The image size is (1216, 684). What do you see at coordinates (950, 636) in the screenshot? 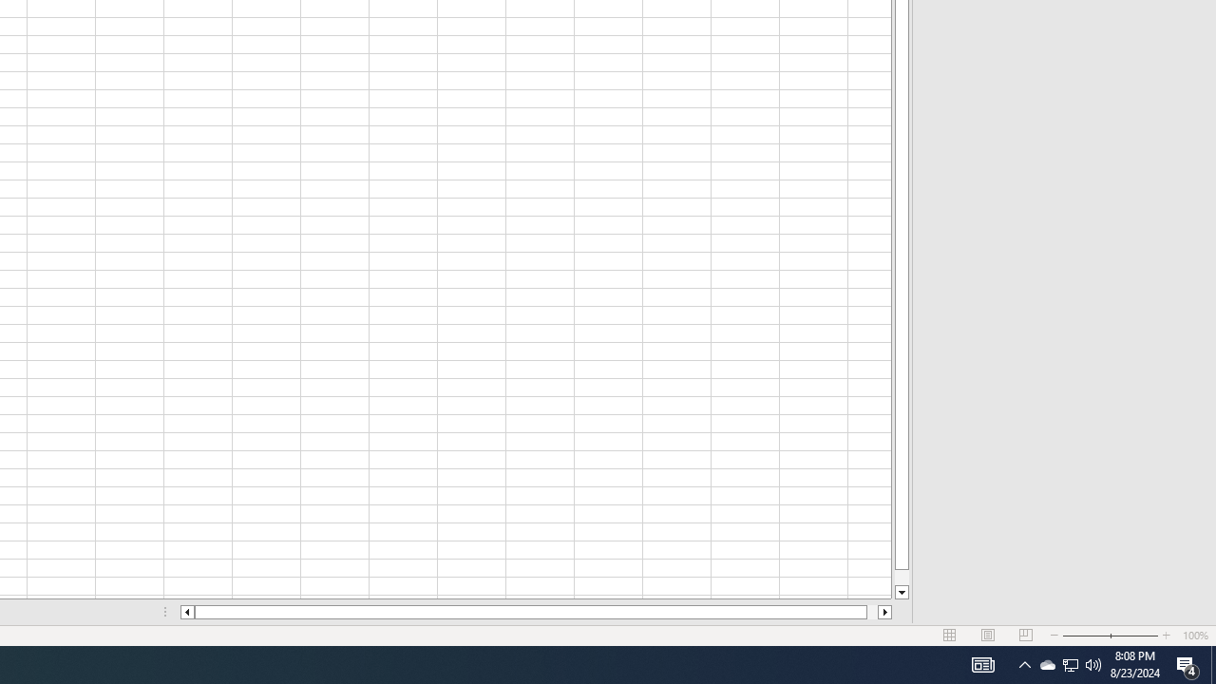
I see `'Normal'` at bounding box center [950, 636].